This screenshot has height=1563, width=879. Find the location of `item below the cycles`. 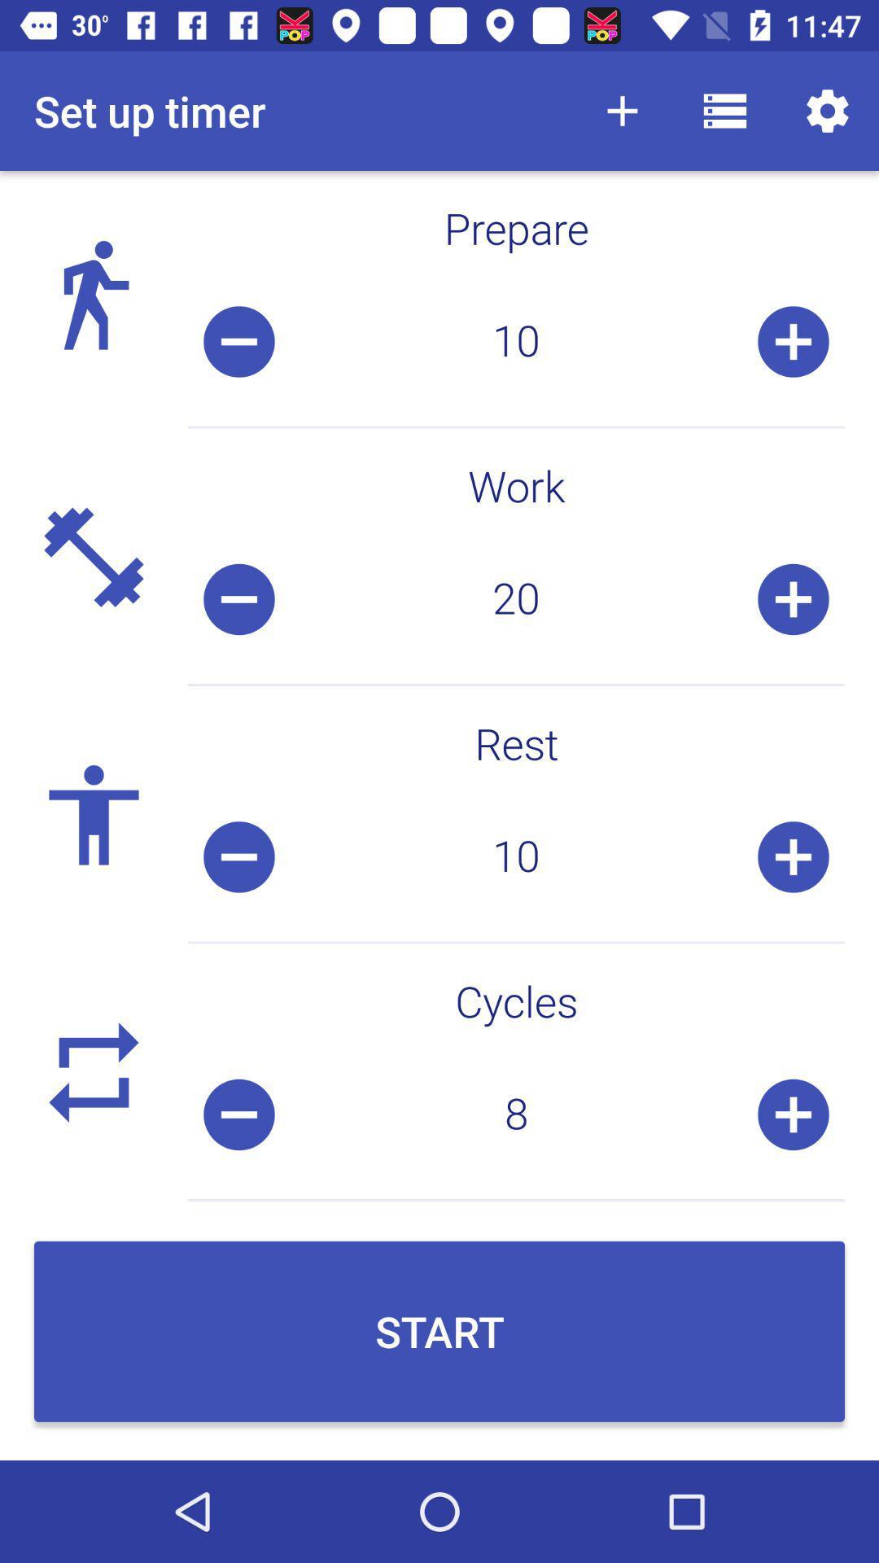

item below the cycles is located at coordinates (516, 1114).